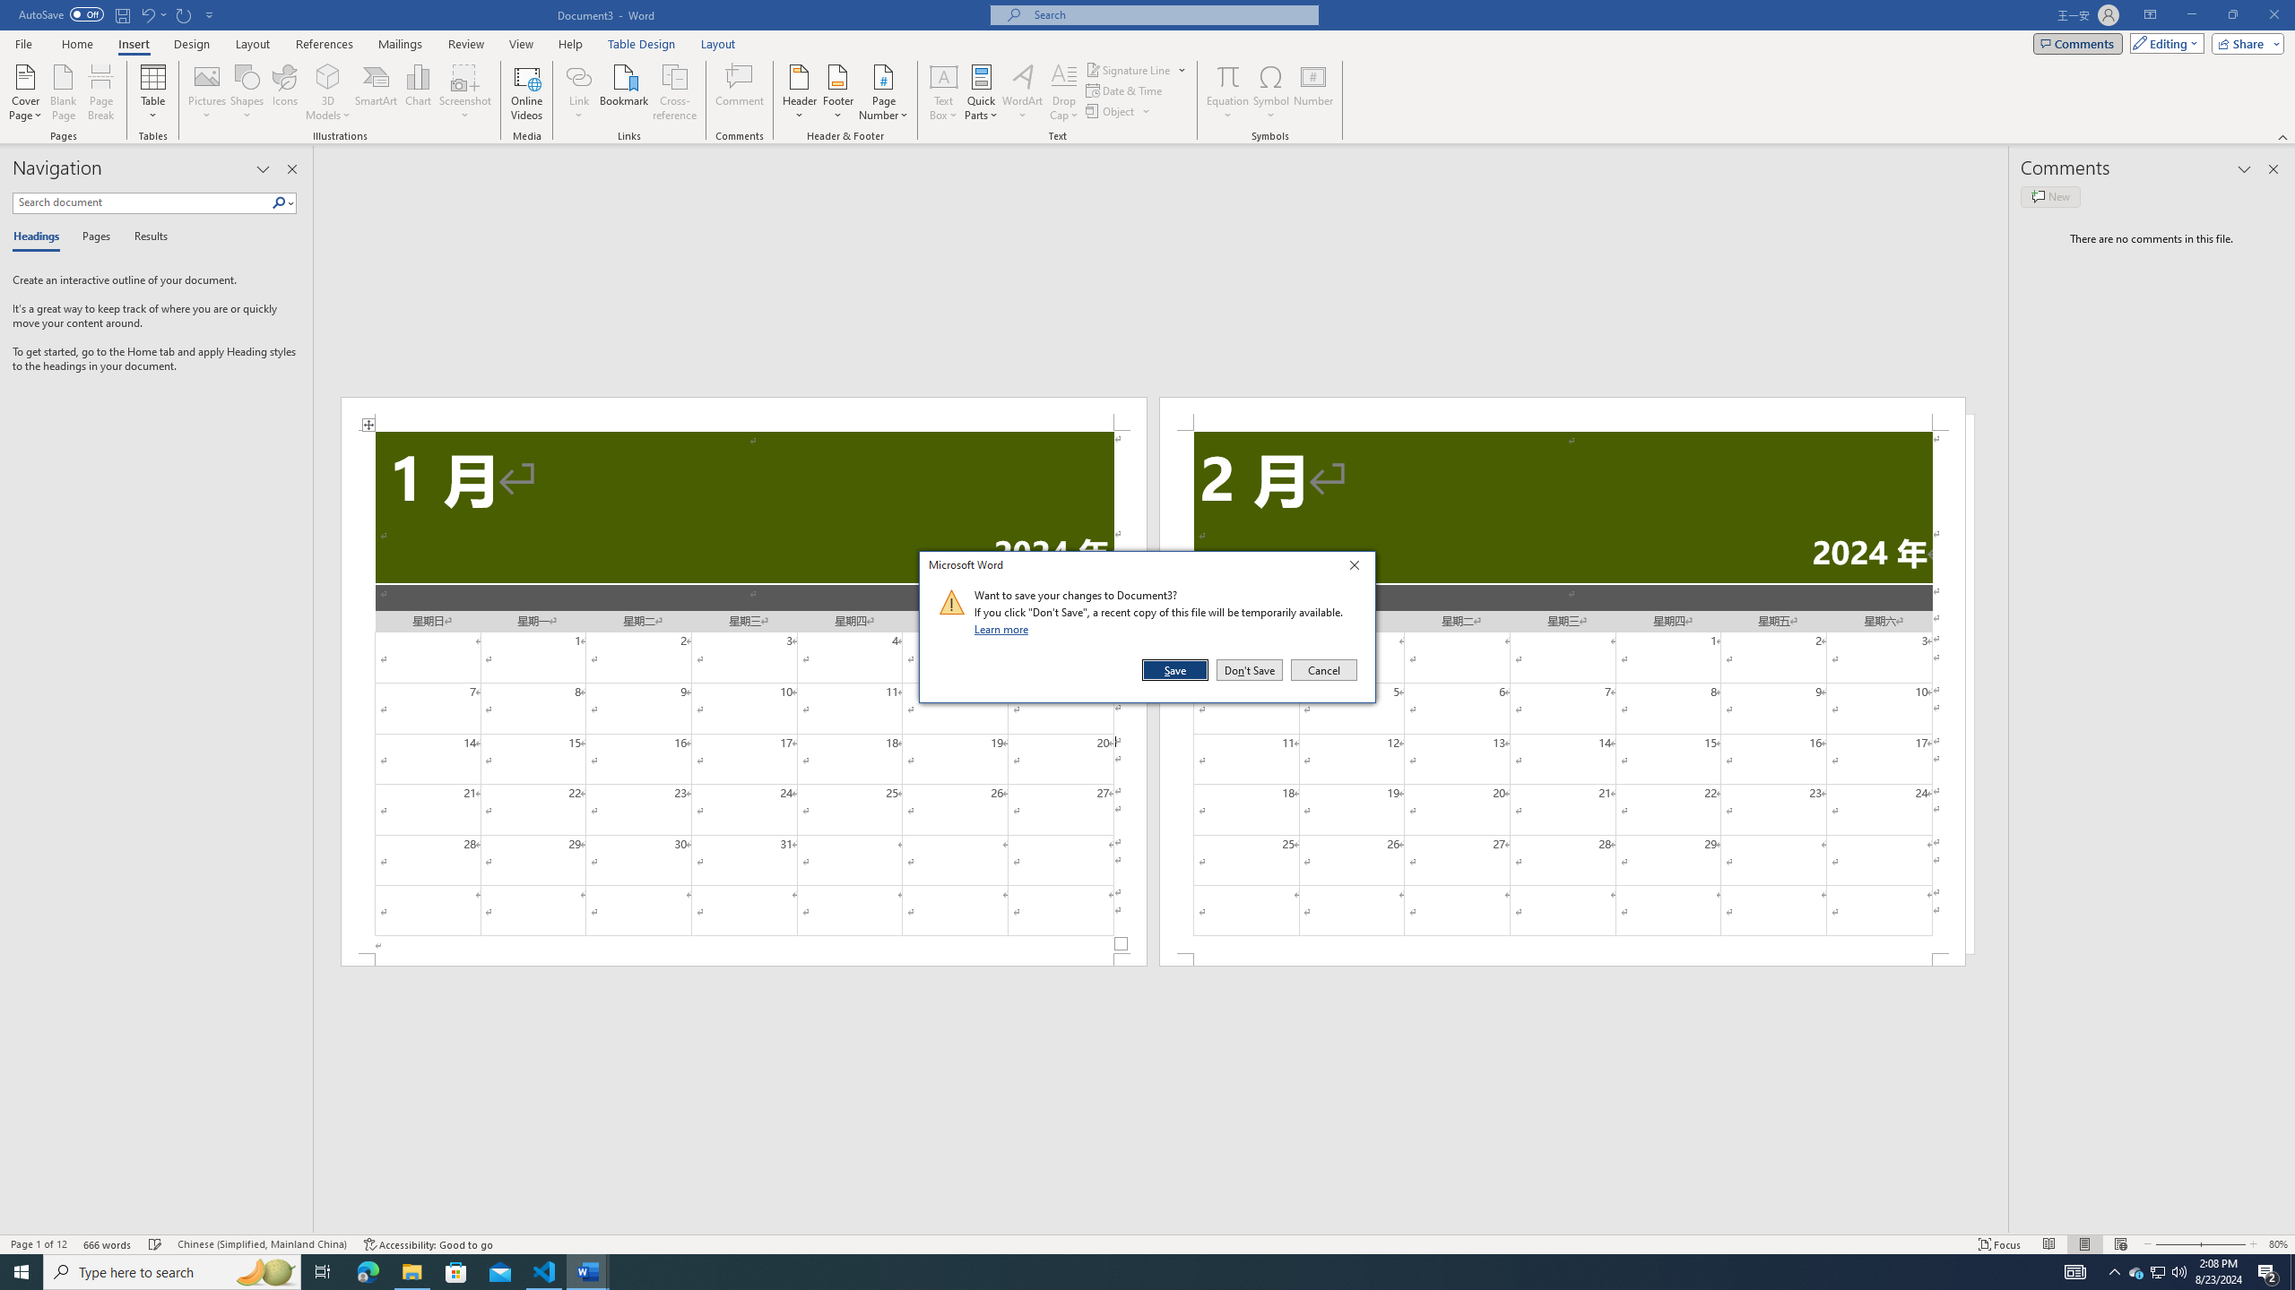 The width and height of the screenshot is (2295, 1290). I want to click on 'Close pane', so click(292, 168).